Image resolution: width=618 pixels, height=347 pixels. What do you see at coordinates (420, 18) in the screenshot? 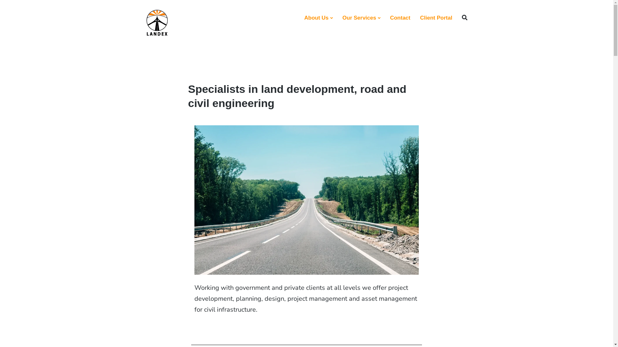
I see `'Client Portal'` at bounding box center [420, 18].